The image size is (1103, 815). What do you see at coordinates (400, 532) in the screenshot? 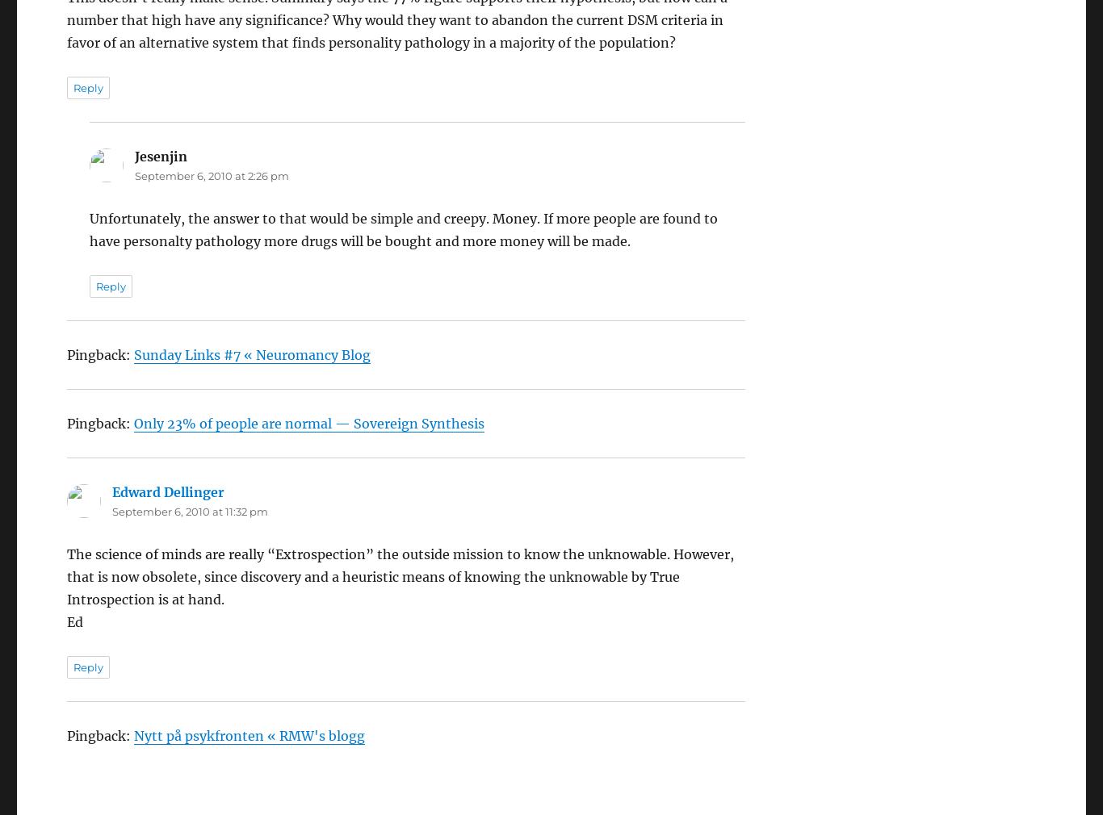
I see `'The science of minds are really “Extrospection” the outside mission to know the unknowable. However, that is now obsolete, since discovery and a heuristic means of knowing the unknowable by True Introspection is at hand.'` at bounding box center [400, 532].